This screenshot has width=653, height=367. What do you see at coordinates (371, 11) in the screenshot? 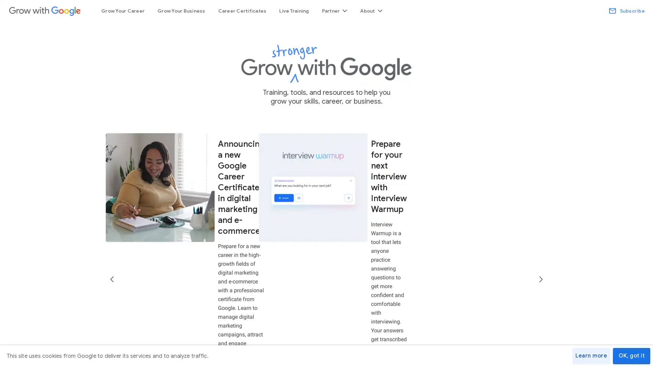
I see `Open programs menu` at bounding box center [371, 11].